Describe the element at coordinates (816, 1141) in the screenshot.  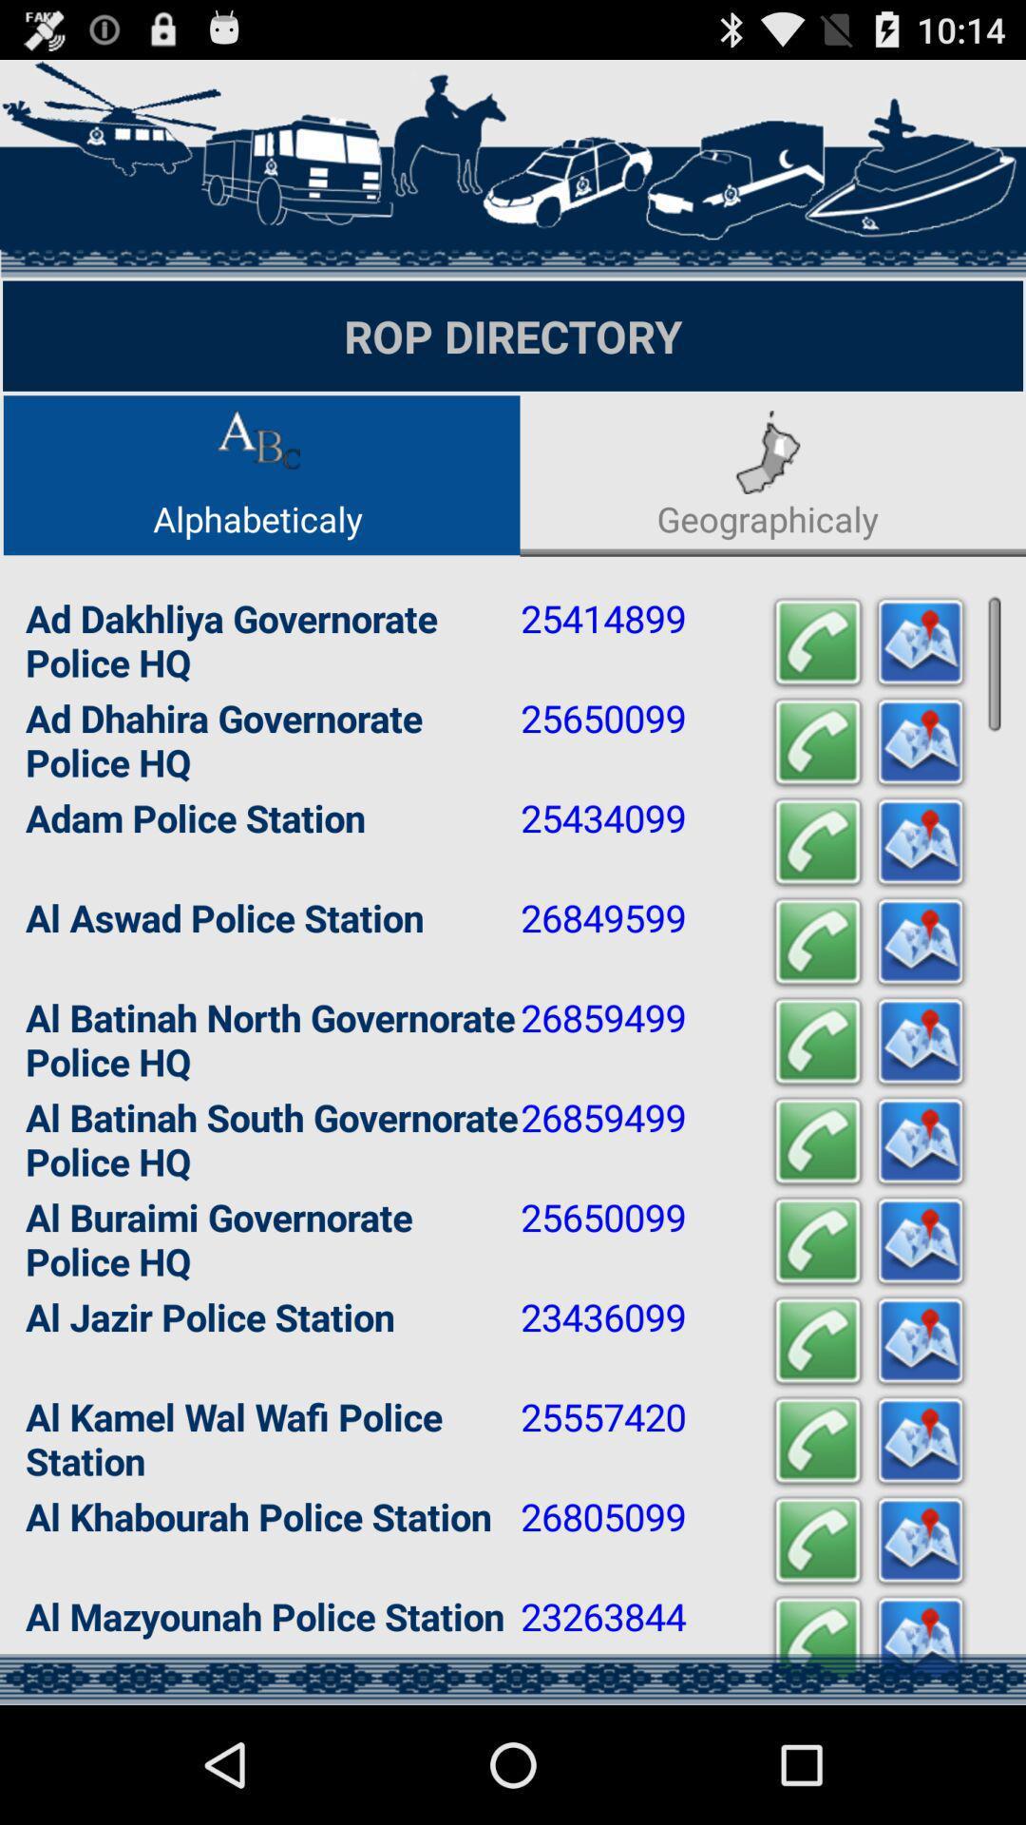
I see `call this number` at that location.